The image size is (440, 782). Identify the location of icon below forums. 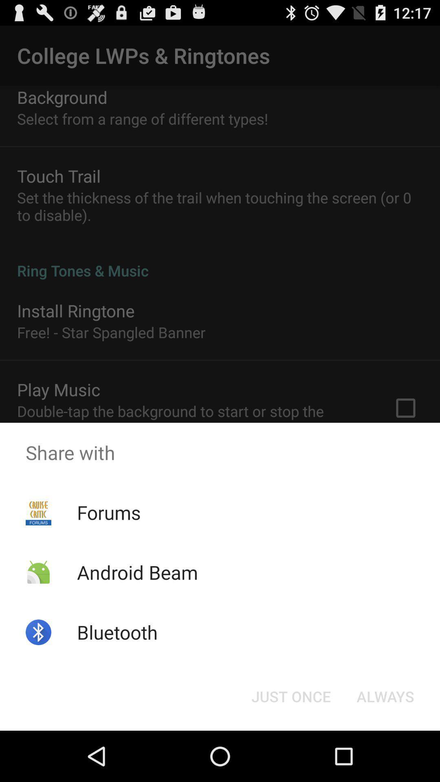
(137, 572).